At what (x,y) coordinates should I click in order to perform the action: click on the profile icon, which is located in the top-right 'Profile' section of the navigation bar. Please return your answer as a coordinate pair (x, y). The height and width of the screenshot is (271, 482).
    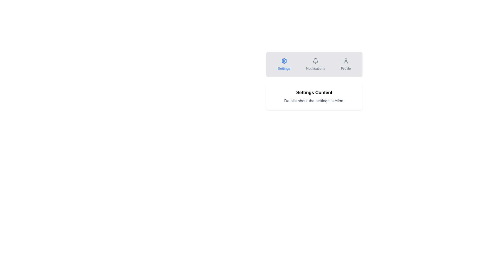
    Looking at the image, I should click on (345, 61).